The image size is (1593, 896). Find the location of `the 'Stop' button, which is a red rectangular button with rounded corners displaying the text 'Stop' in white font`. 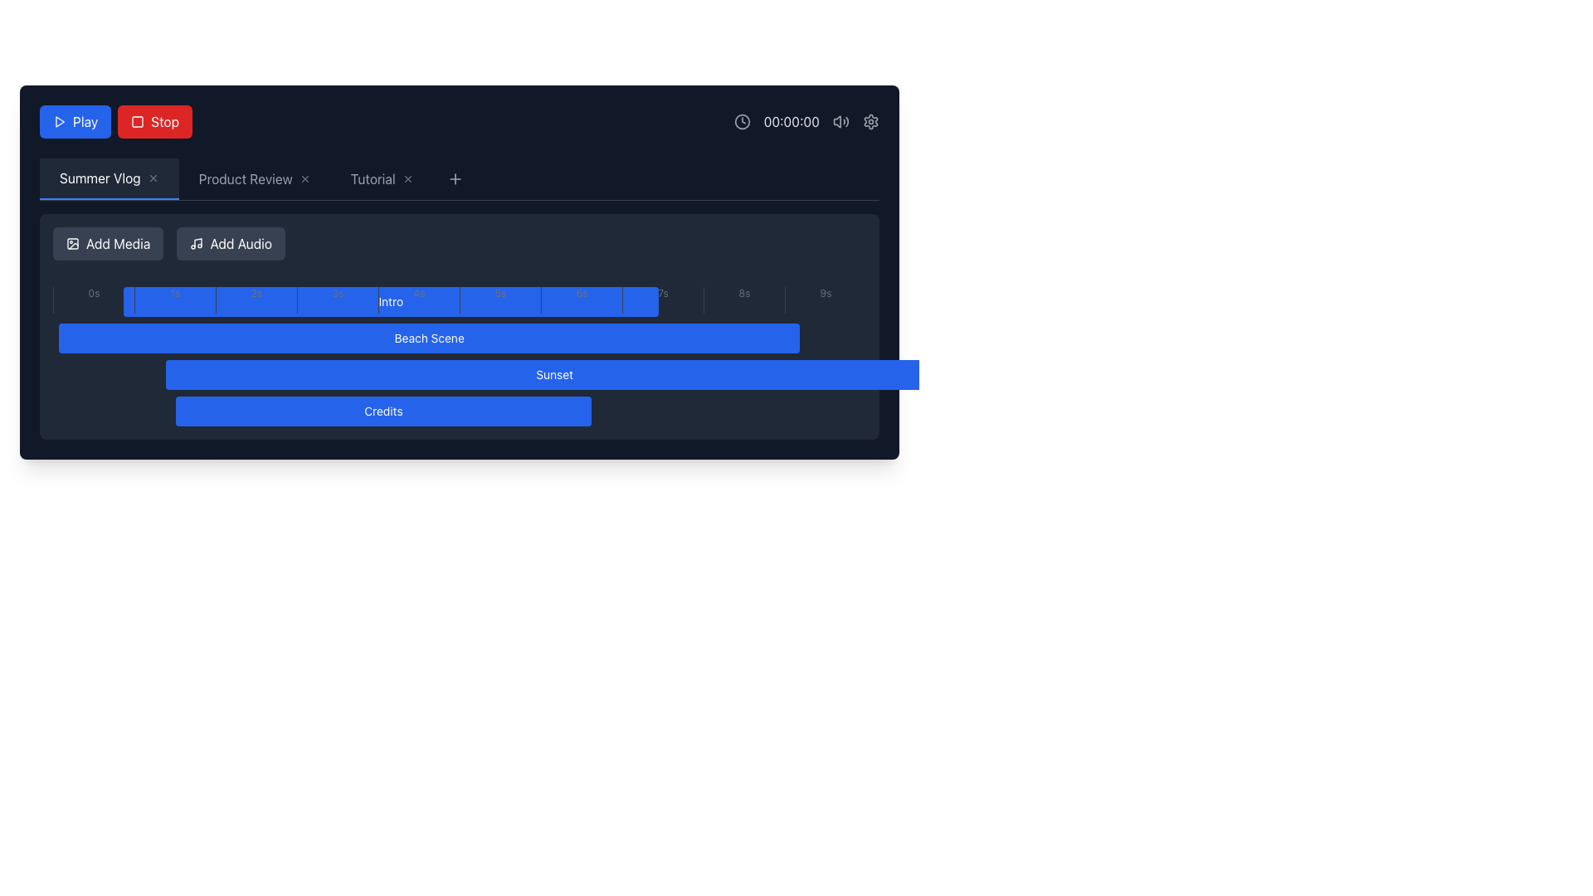

the 'Stop' button, which is a red rectangular button with rounded corners displaying the text 'Stop' in white font is located at coordinates (165, 120).